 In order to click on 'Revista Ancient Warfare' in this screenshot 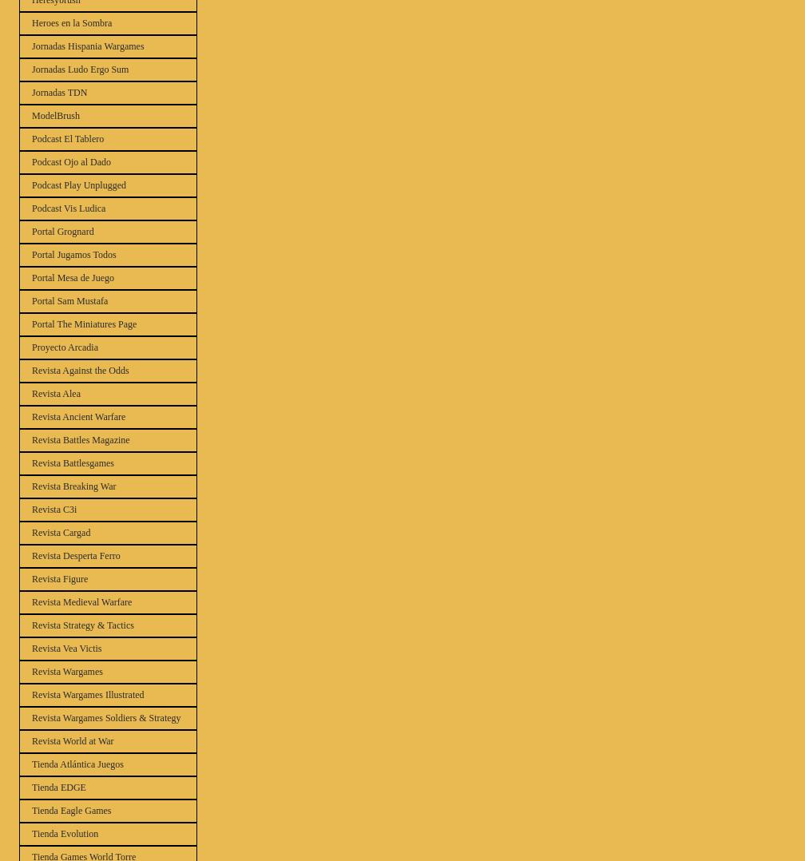, I will do `click(32, 416)`.